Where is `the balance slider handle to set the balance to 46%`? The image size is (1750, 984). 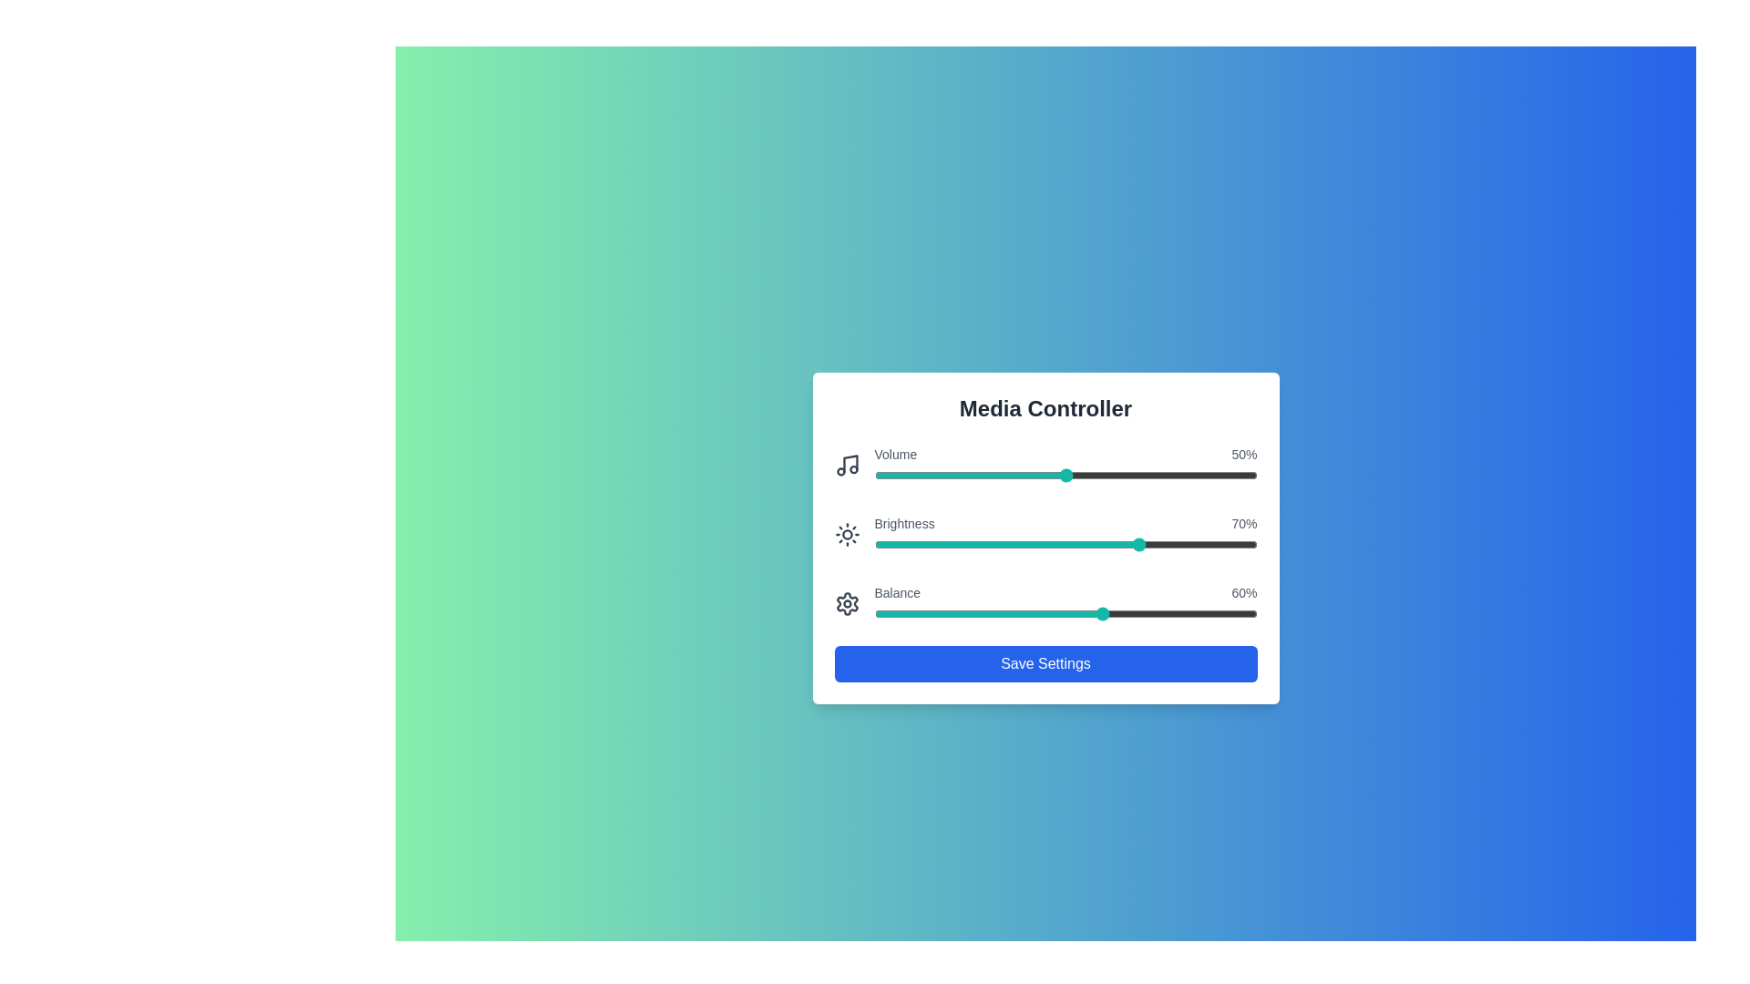
the balance slider handle to set the balance to 46% is located at coordinates (1050, 614).